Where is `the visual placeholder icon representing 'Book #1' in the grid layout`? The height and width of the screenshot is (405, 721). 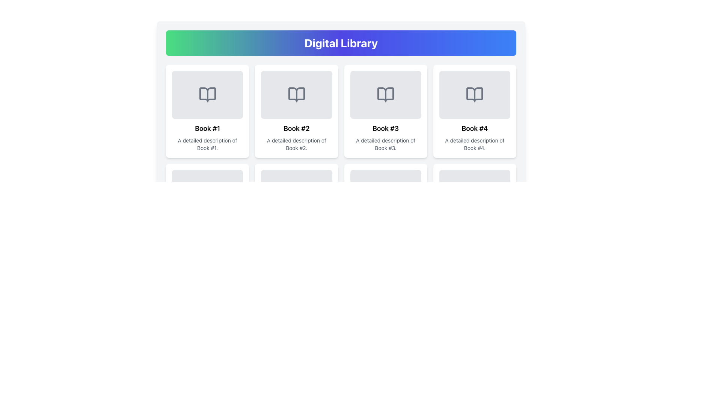 the visual placeholder icon representing 'Book #1' in the grid layout is located at coordinates (207, 94).